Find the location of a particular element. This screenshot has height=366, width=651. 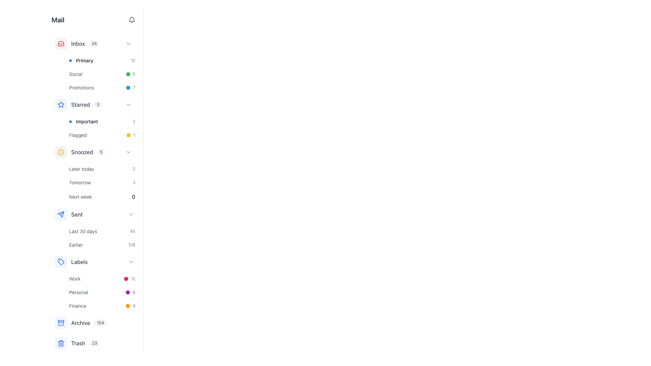

the first list item under the 'Snoozed' section is located at coordinates (102, 168).